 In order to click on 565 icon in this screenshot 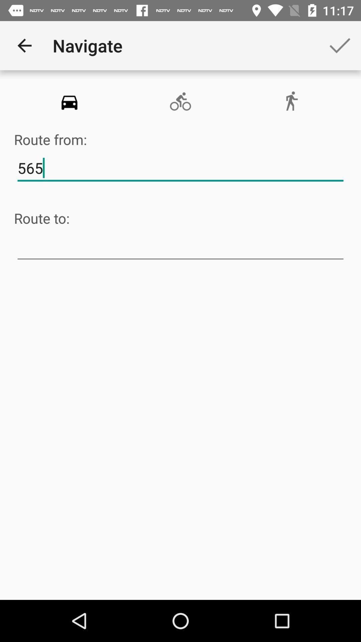, I will do `click(180, 168)`.